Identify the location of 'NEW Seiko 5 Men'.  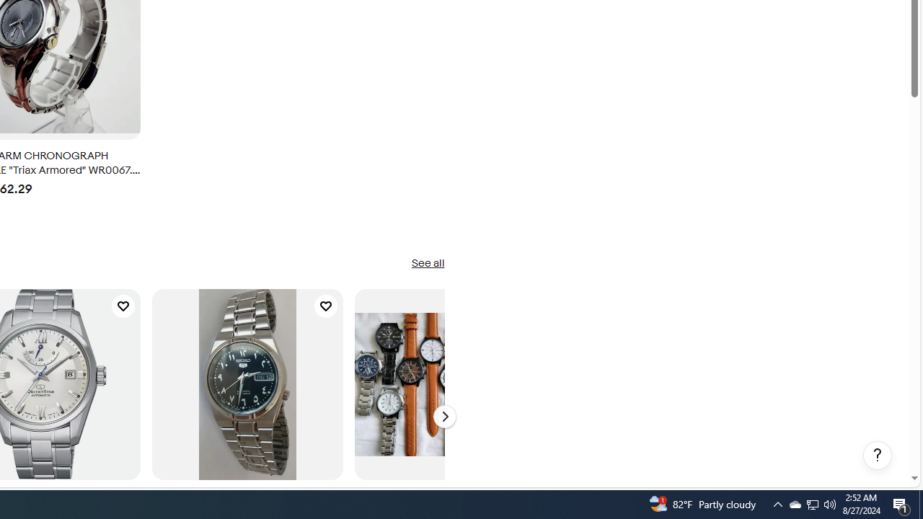
(247, 383).